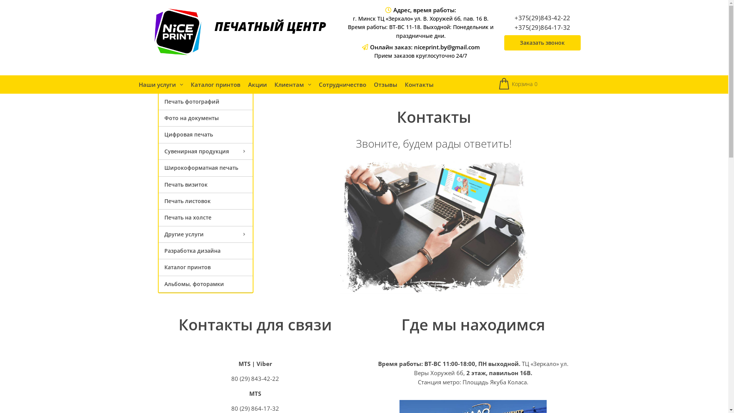 The height and width of the screenshot is (413, 734). What do you see at coordinates (542, 17) in the screenshot?
I see `'+375(29)843-42-22'` at bounding box center [542, 17].